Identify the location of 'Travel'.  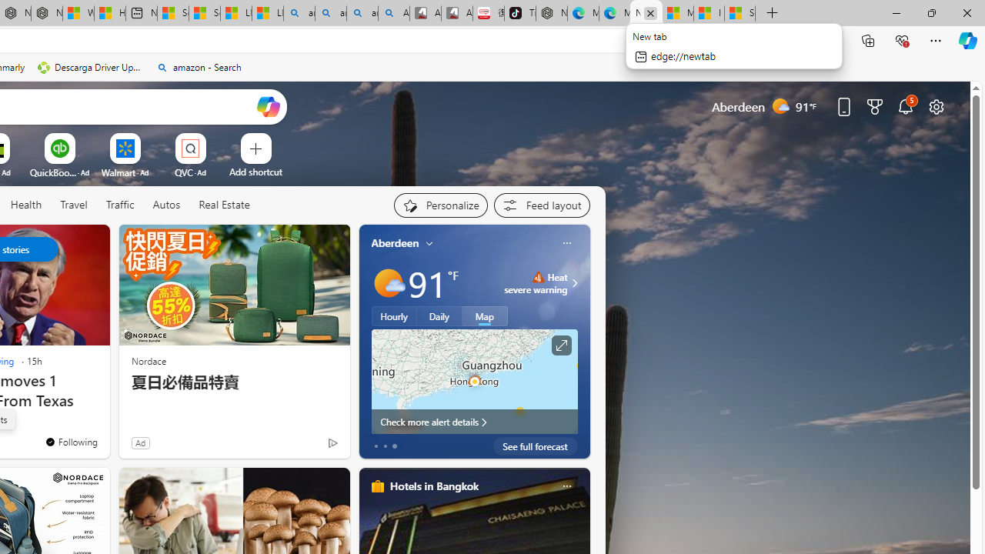
(73, 204).